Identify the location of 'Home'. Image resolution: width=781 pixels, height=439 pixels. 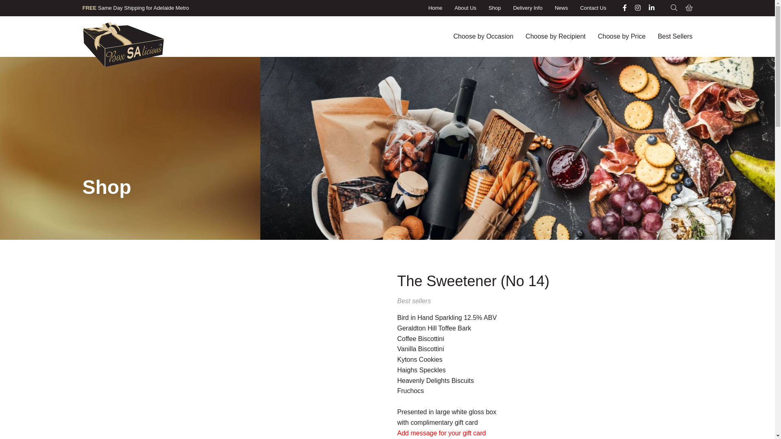
(435, 8).